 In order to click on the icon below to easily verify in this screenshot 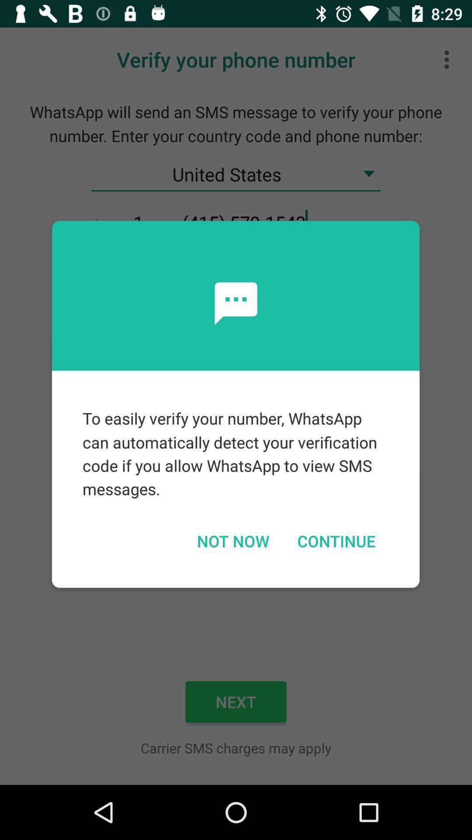, I will do `click(233, 540)`.